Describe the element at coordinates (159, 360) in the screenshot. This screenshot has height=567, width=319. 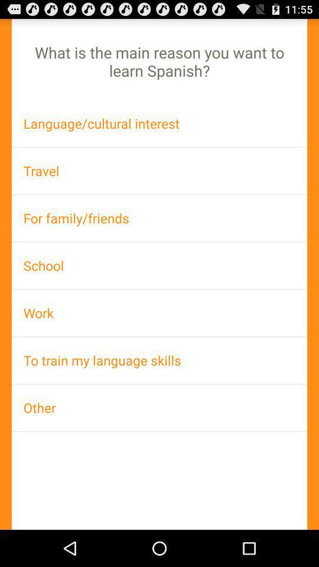
I see `to train my item` at that location.